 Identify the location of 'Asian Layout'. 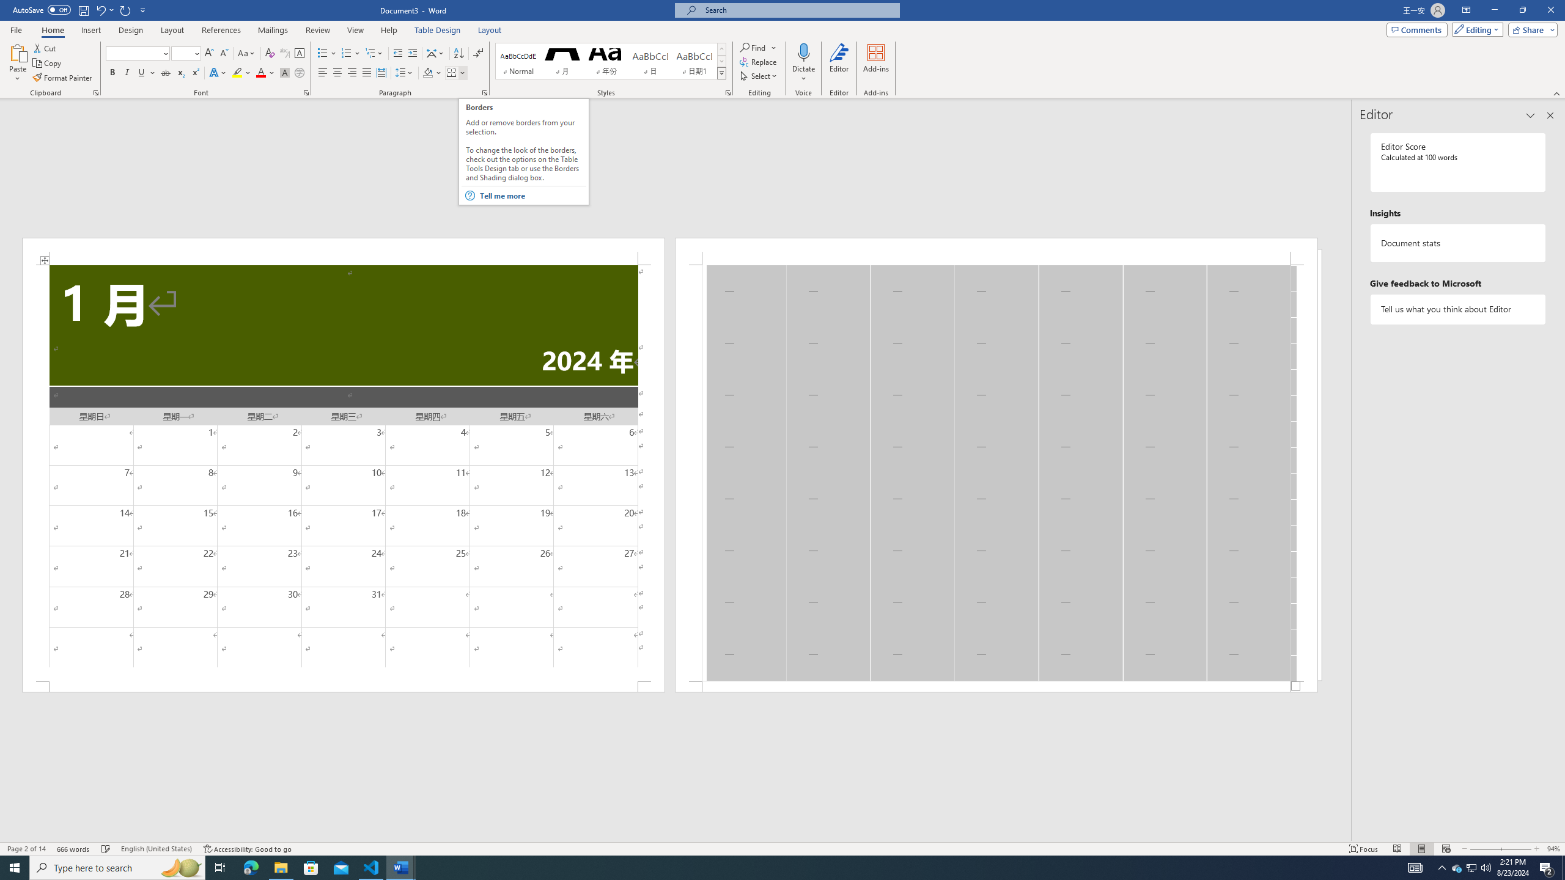
(435, 53).